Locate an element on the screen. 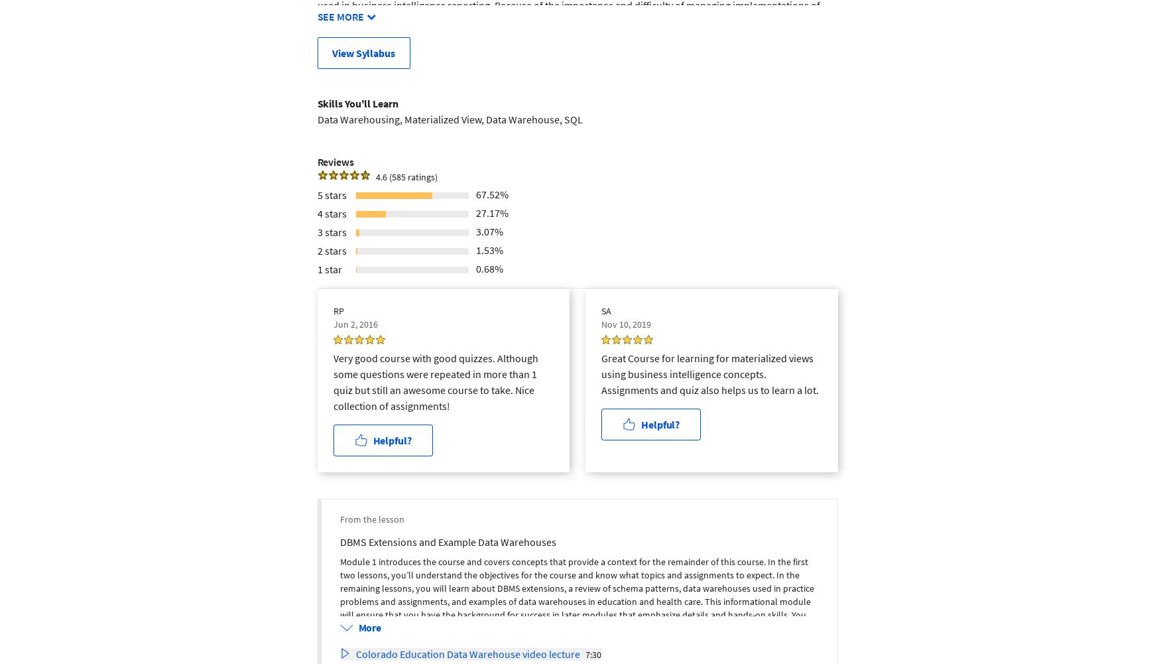 The image size is (1155, 664). '3 stars' is located at coordinates (331, 232).